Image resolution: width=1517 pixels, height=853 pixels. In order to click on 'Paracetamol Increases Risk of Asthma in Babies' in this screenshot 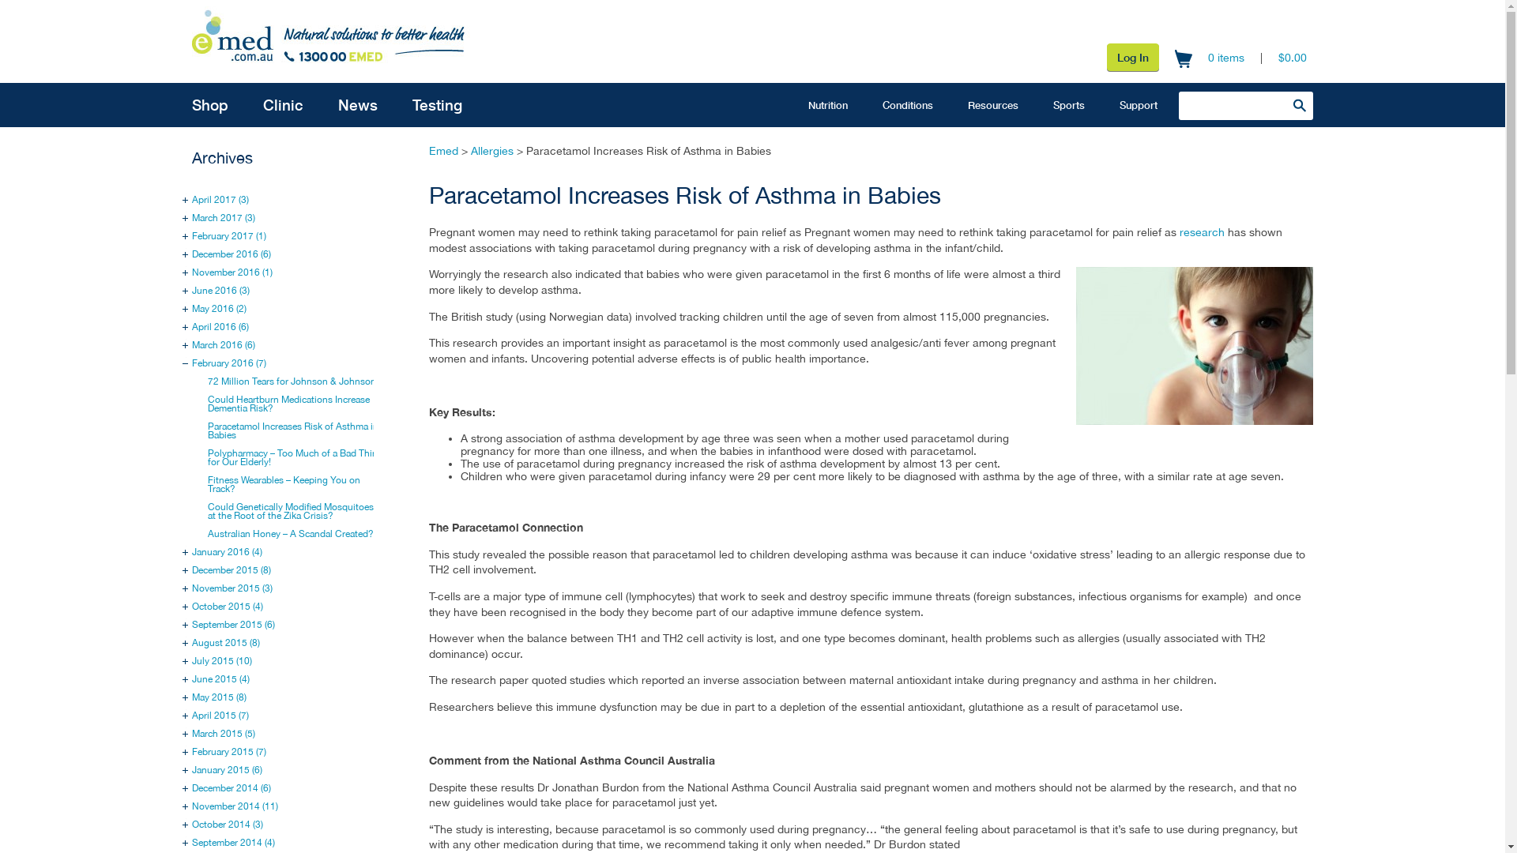, I will do `click(207, 430)`.